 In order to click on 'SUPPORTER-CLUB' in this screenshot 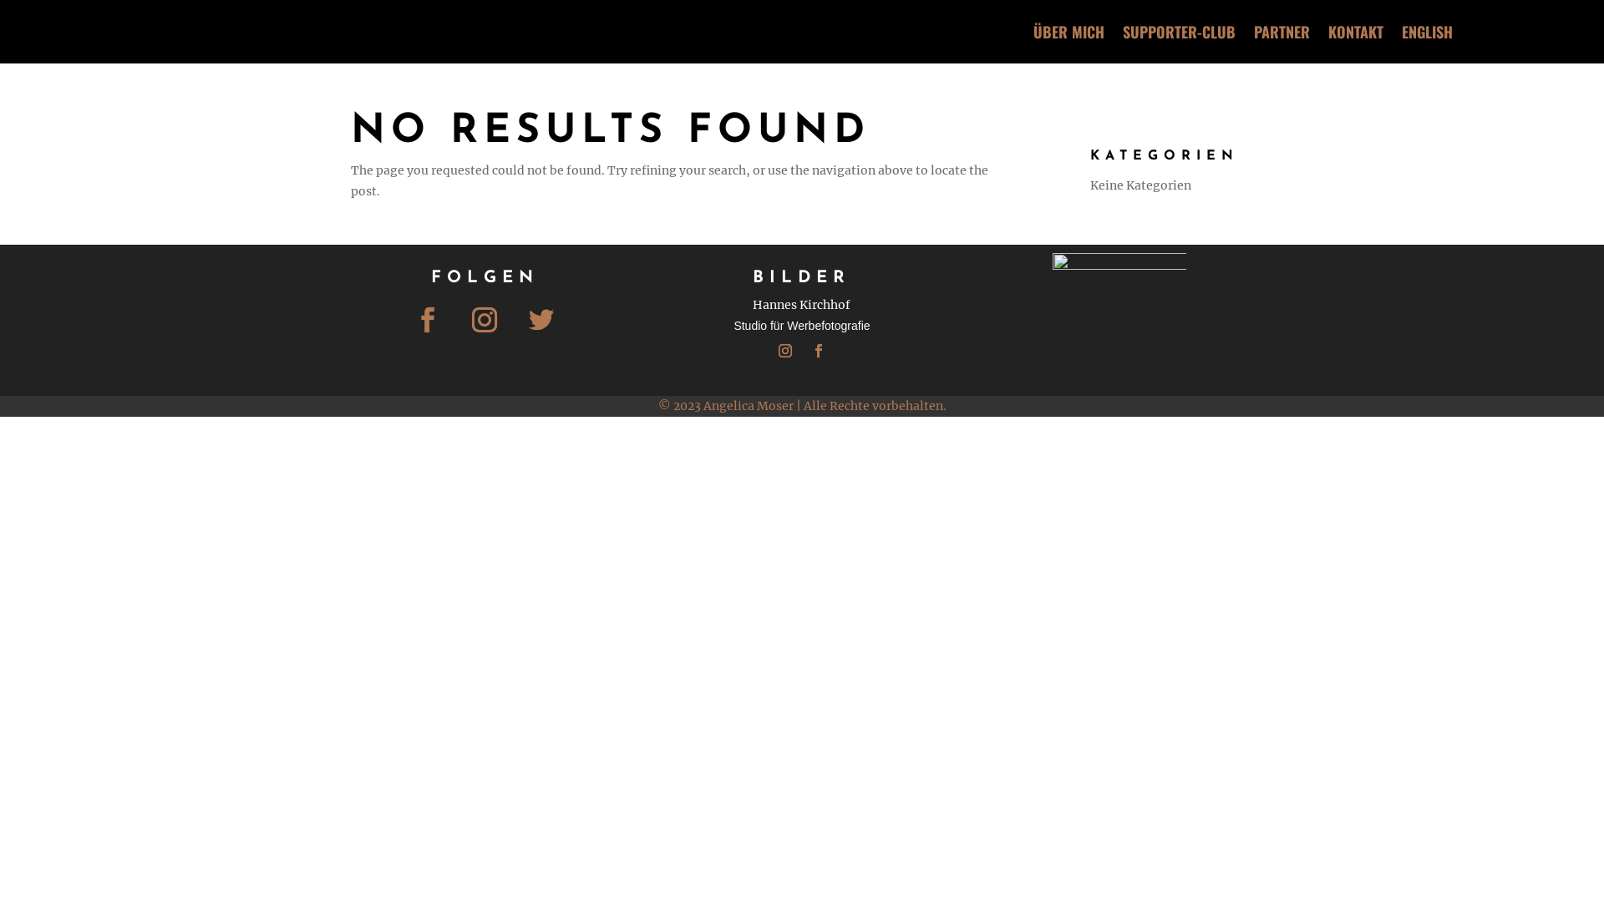, I will do `click(1178, 32)`.